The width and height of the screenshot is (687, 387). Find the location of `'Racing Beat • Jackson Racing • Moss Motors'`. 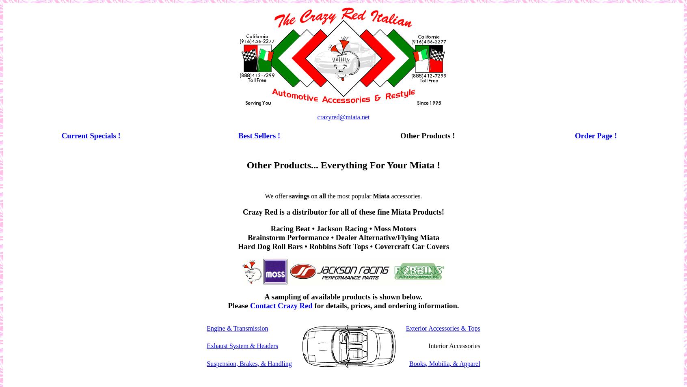

'Racing Beat • Jackson Racing • Moss Motors' is located at coordinates (343, 228).